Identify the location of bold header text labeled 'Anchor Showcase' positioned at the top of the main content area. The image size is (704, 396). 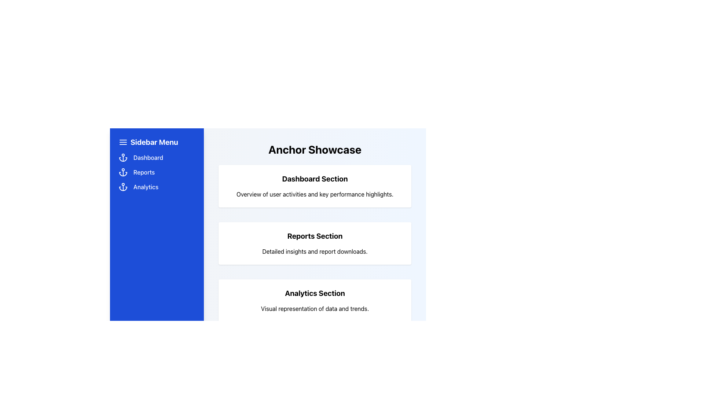
(315, 149).